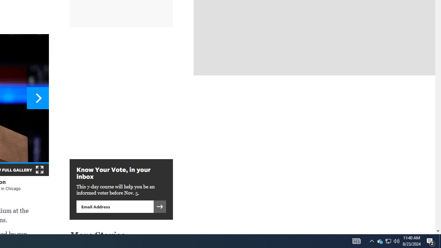 The width and height of the screenshot is (441, 248). I want to click on 'Email address', so click(115, 206).